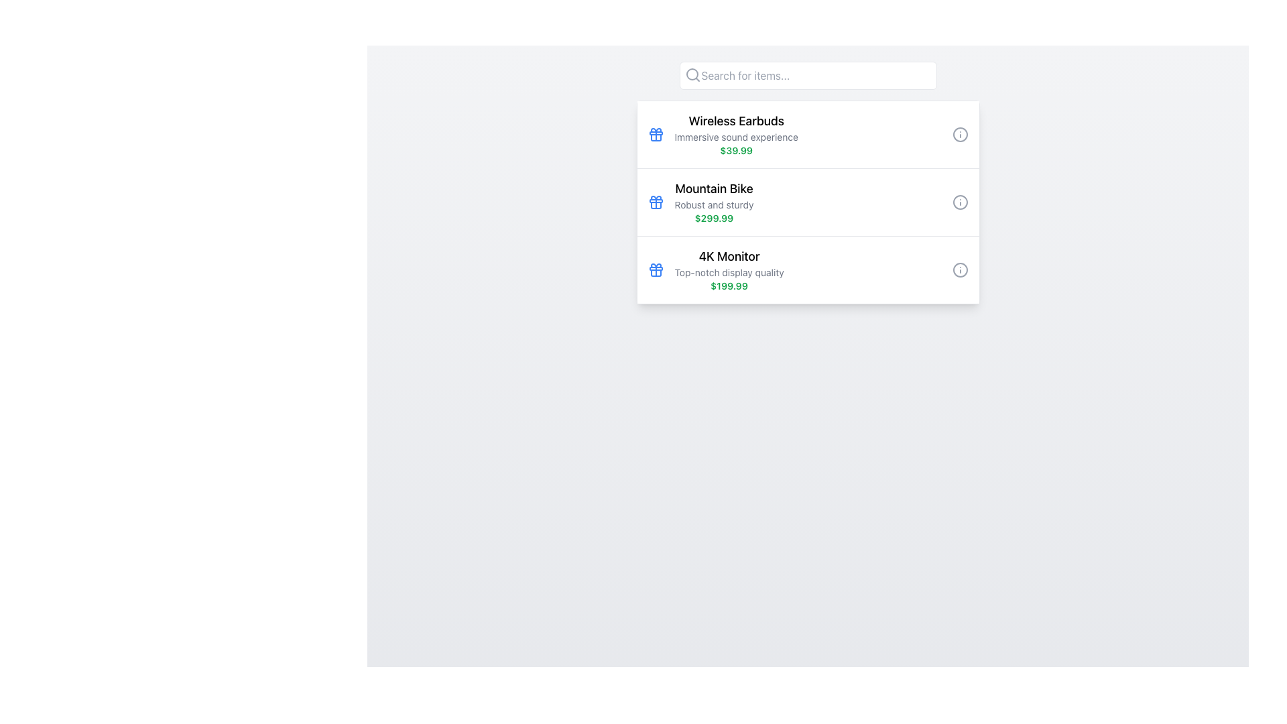  Describe the element at coordinates (713, 188) in the screenshot. I see `the 'Mountain Bike' text label, which is prominently displayed in a bold font within a card structure, located in the second row of a vertically stacked list of items` at that location.